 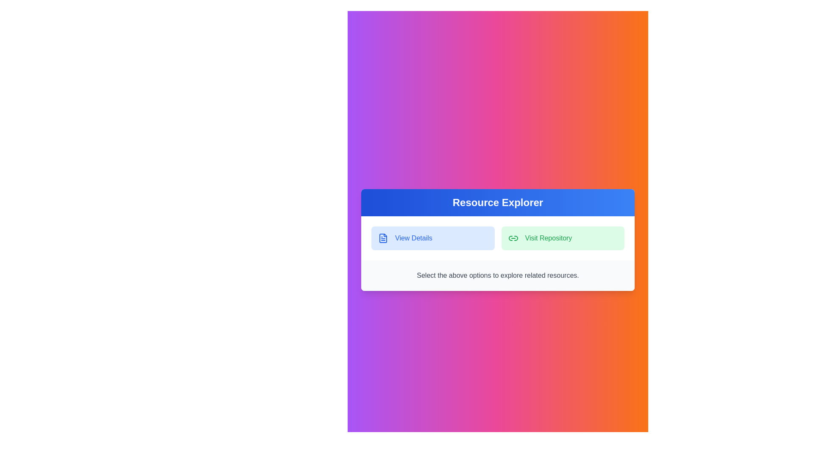 What do you see at coordinates (382, 238) in the screenshot?
I see `the SVG icon that resembles a file or document outline, located to the left of the 'View Details' button` at bounding box center [382, 238].